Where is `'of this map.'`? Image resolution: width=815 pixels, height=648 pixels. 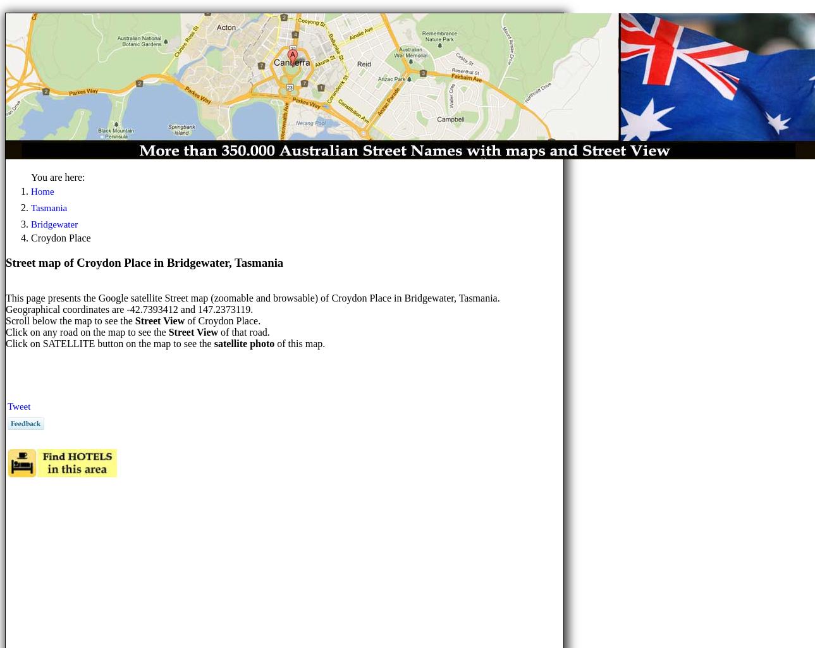
'of this map.' is located at coordinates (274, 343).